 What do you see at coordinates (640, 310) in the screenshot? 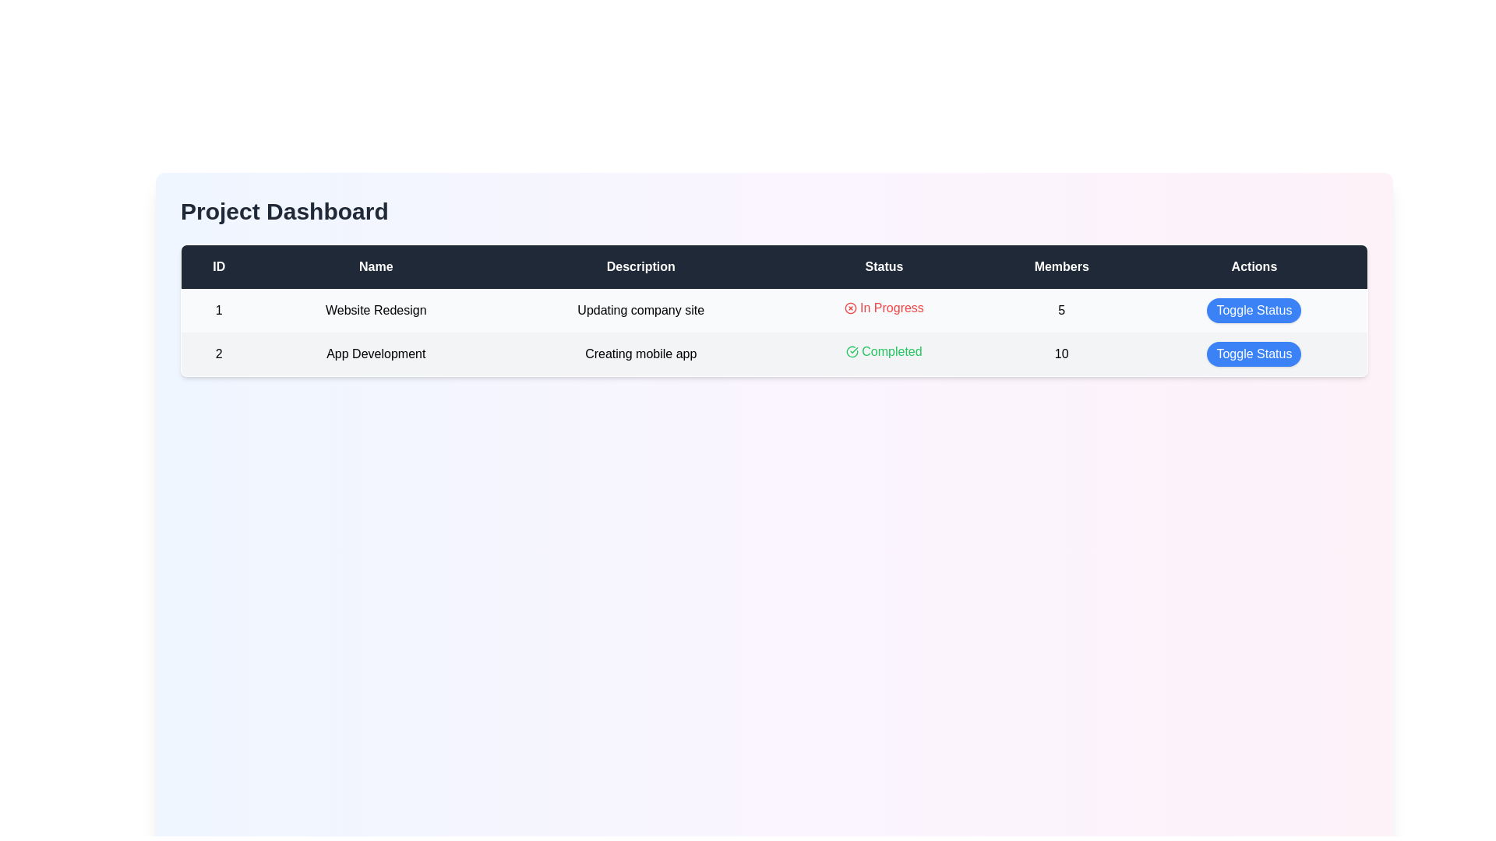
I see `text content of the Text Label located in the third column of the first row under the 'Description' column in the dashboard` at bounding box center [640, 310].